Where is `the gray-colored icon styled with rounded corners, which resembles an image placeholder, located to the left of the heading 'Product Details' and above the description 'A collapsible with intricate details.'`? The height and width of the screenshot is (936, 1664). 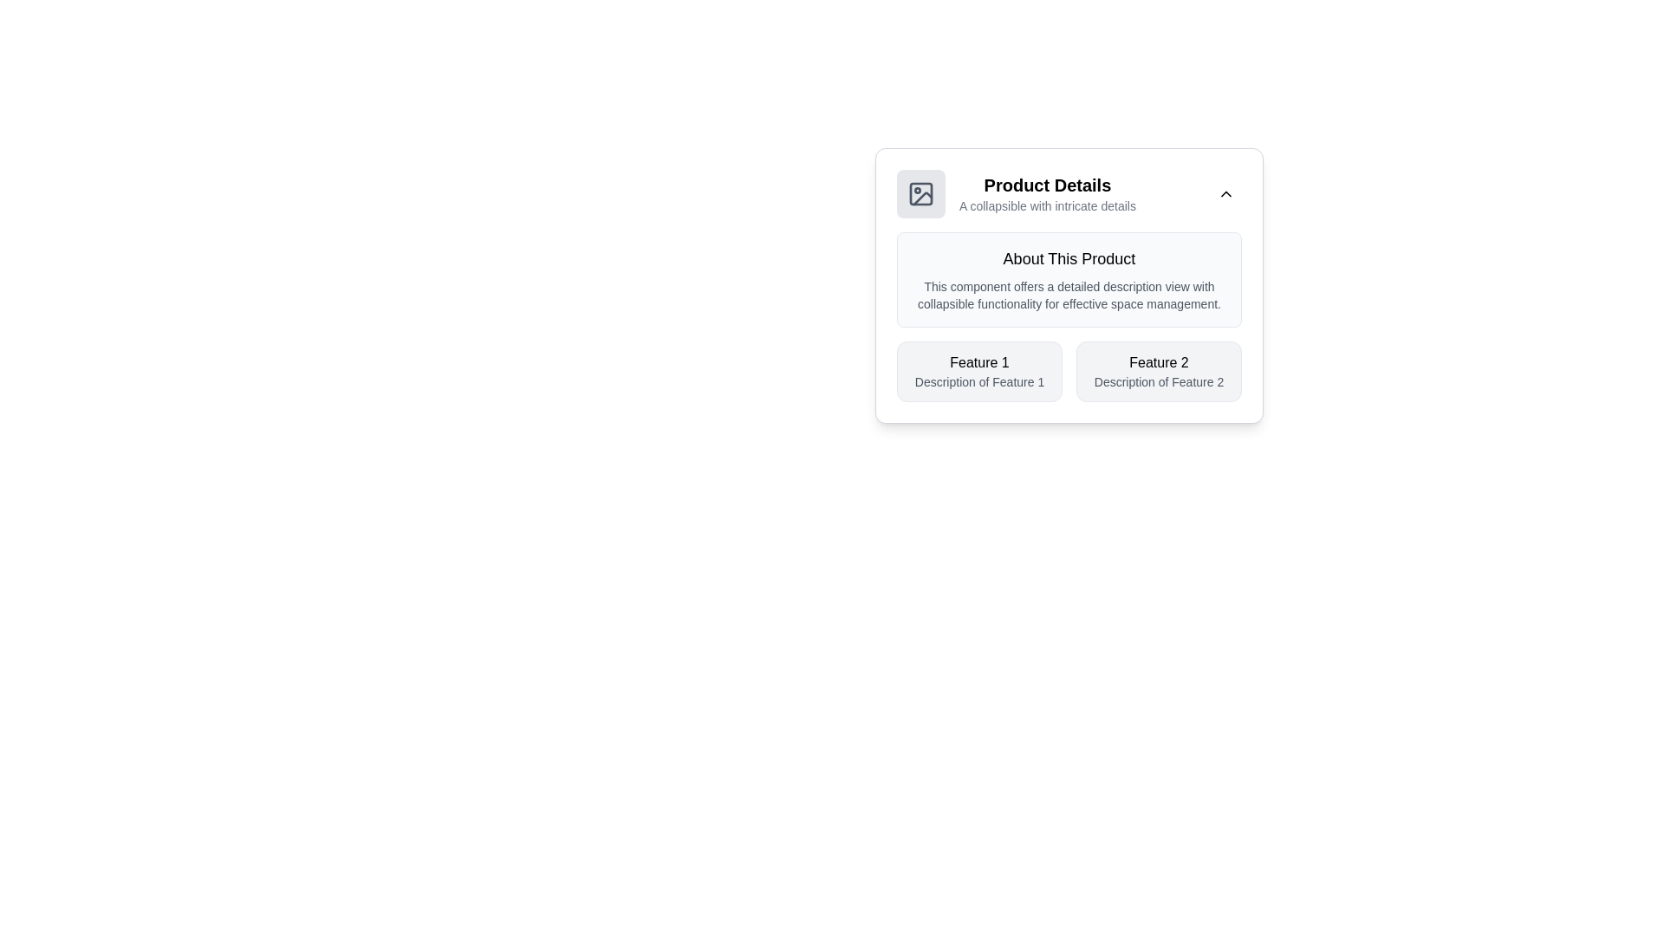
the gray-colored icon styled with rounded corners, which resembles an image placeholder, located to the left of the heading 'Product Details' and above the description 'A collapsible with intricate details.' is located at coordinates (920, 193).